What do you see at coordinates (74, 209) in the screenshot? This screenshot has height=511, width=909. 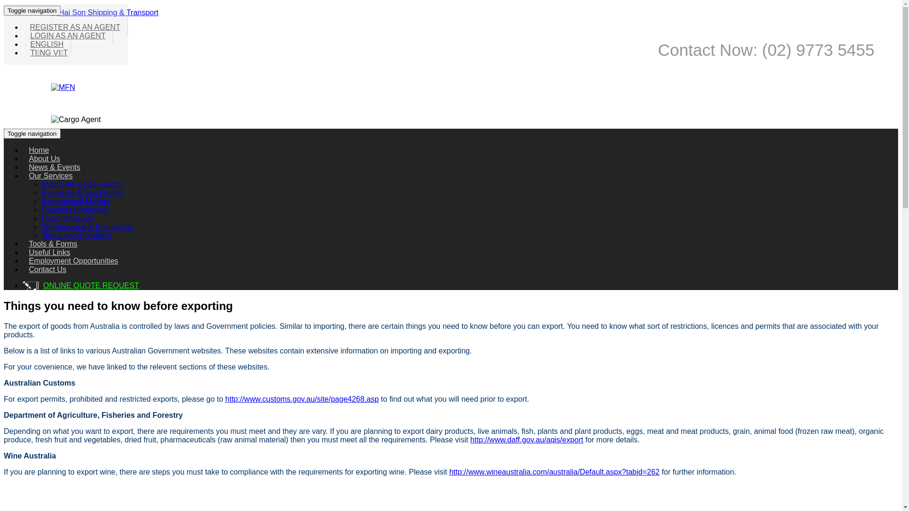 I see `'Customs Brokerage'` at bounding box center [74, 209].